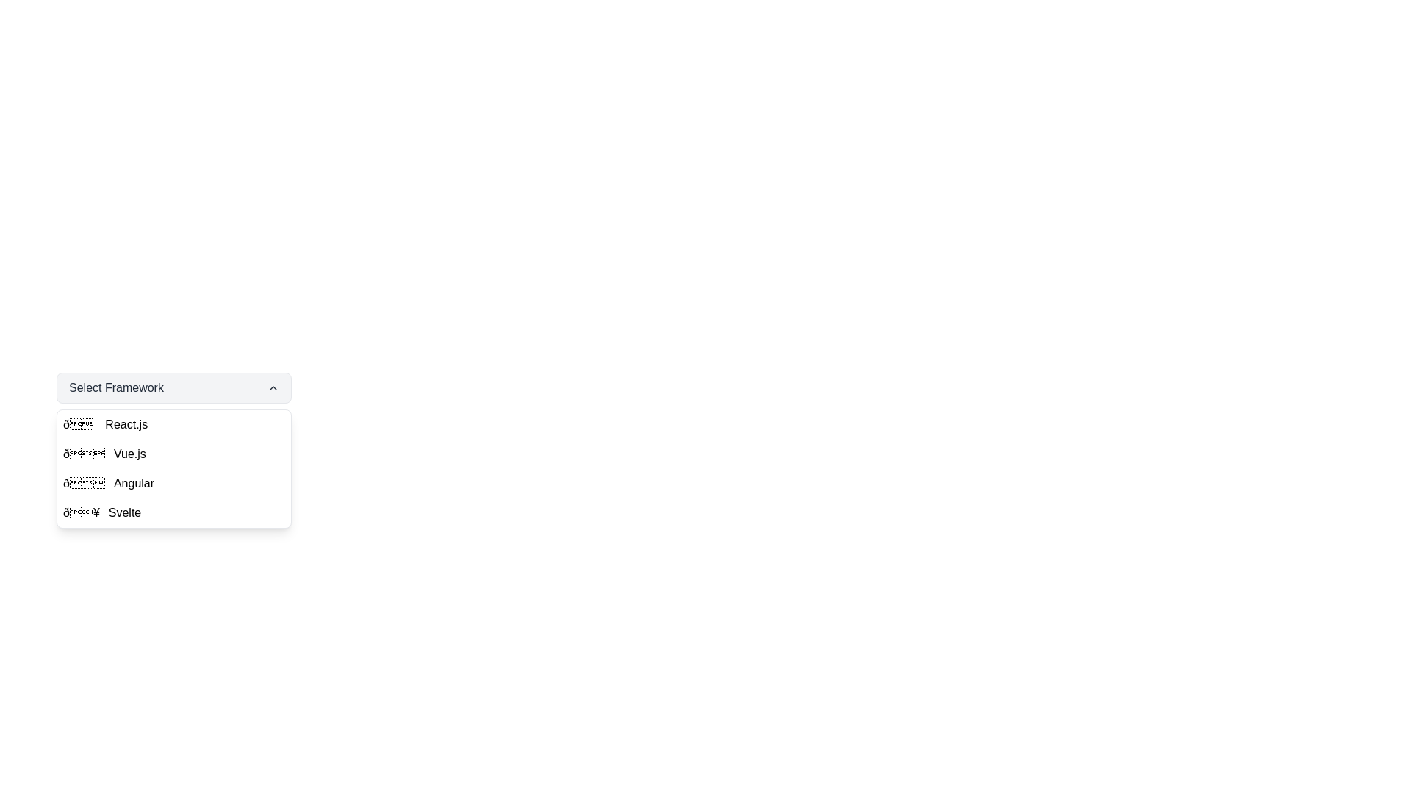 The image size is (1411, 794). Describe the element at coordinates (126, 425) in the screenshot. I see `the 'React.js' option in the dropdown menu labeled 'Select Framework'` at that location.